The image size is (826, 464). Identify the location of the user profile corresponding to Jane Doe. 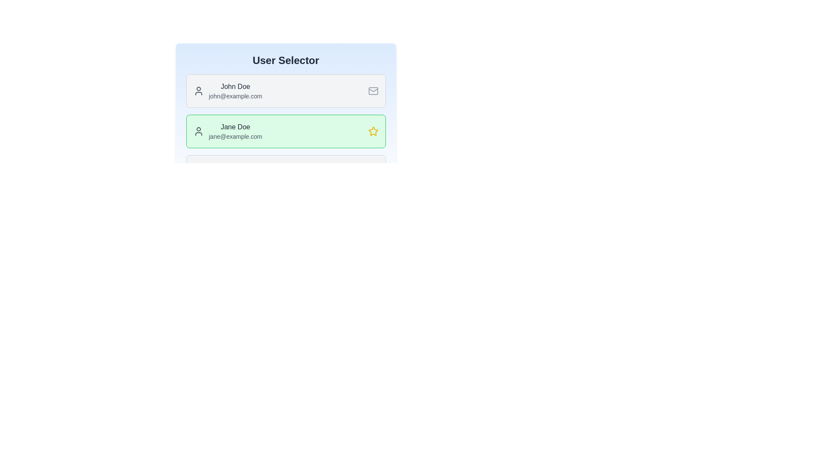
(286, 131).